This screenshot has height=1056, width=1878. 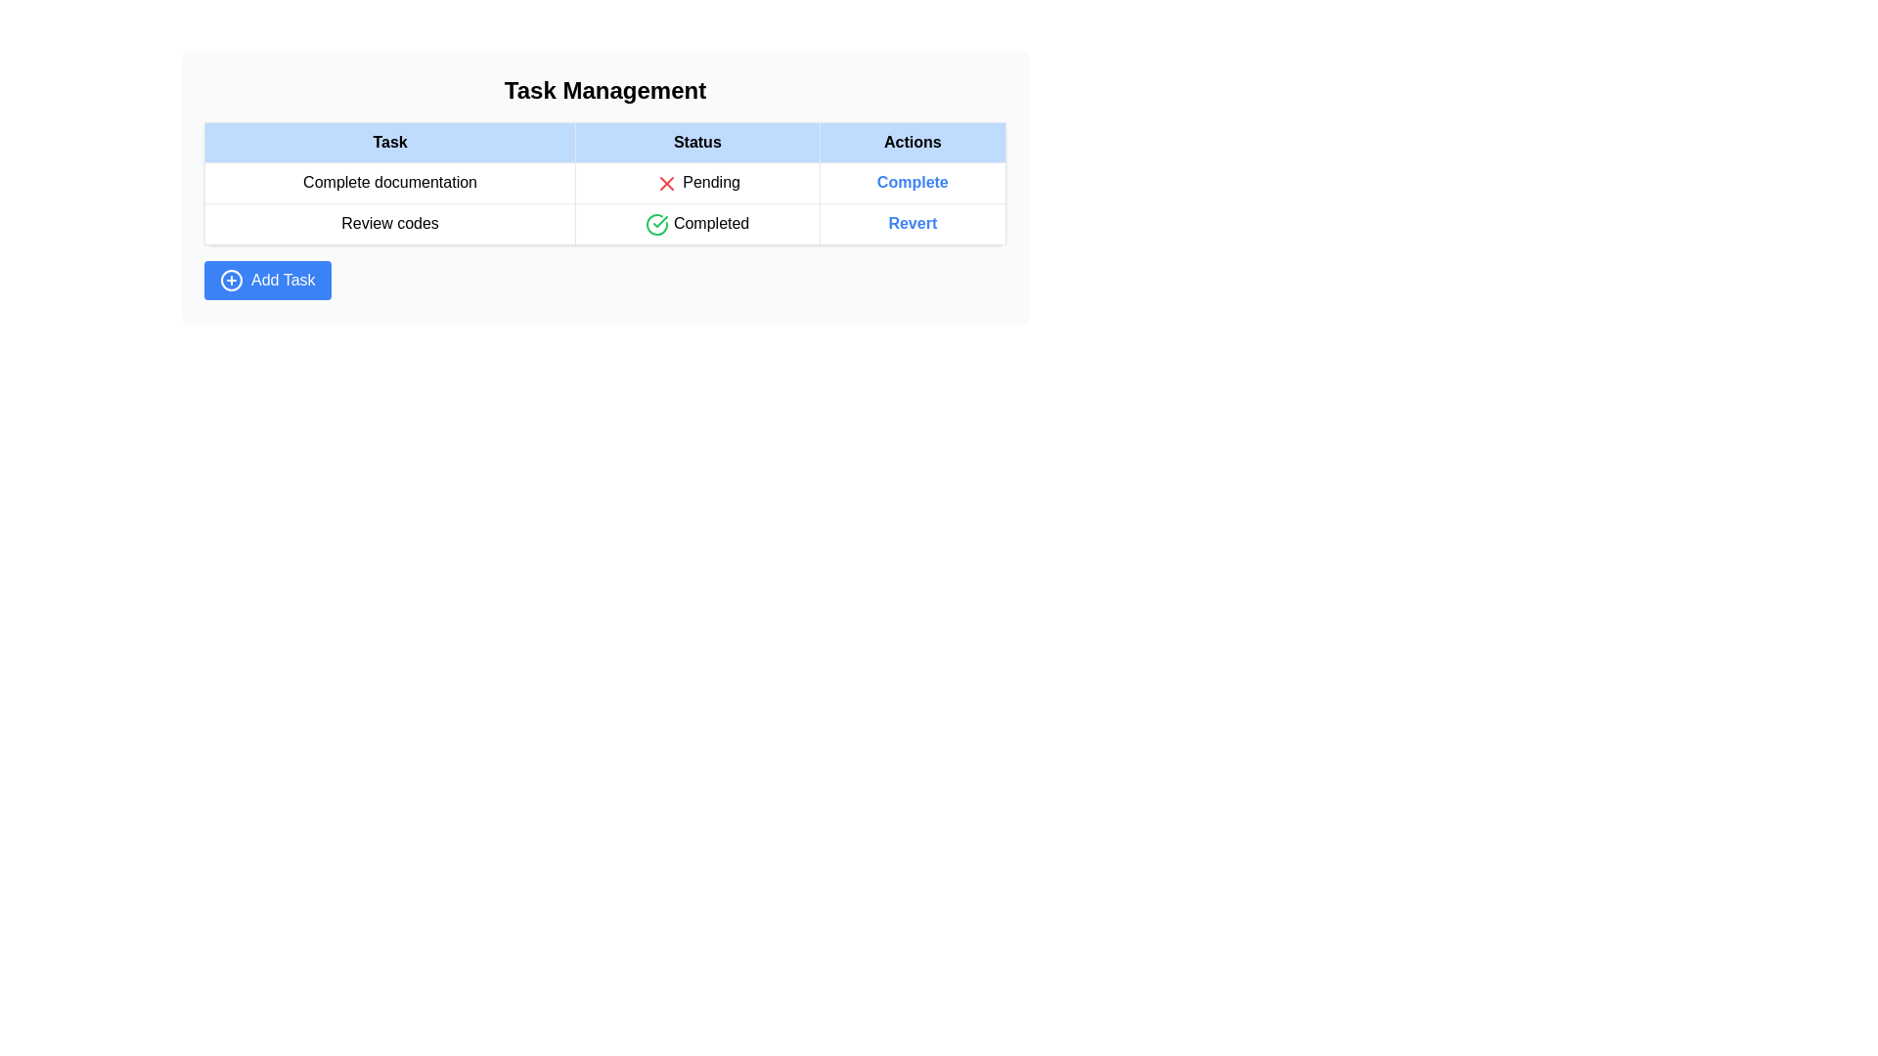 What do you see at coordinates (912, 223) in the screenshot?
I see `the second Clickable Text Link in the 'Actions' column of the table` at bounding box center [912, 223].